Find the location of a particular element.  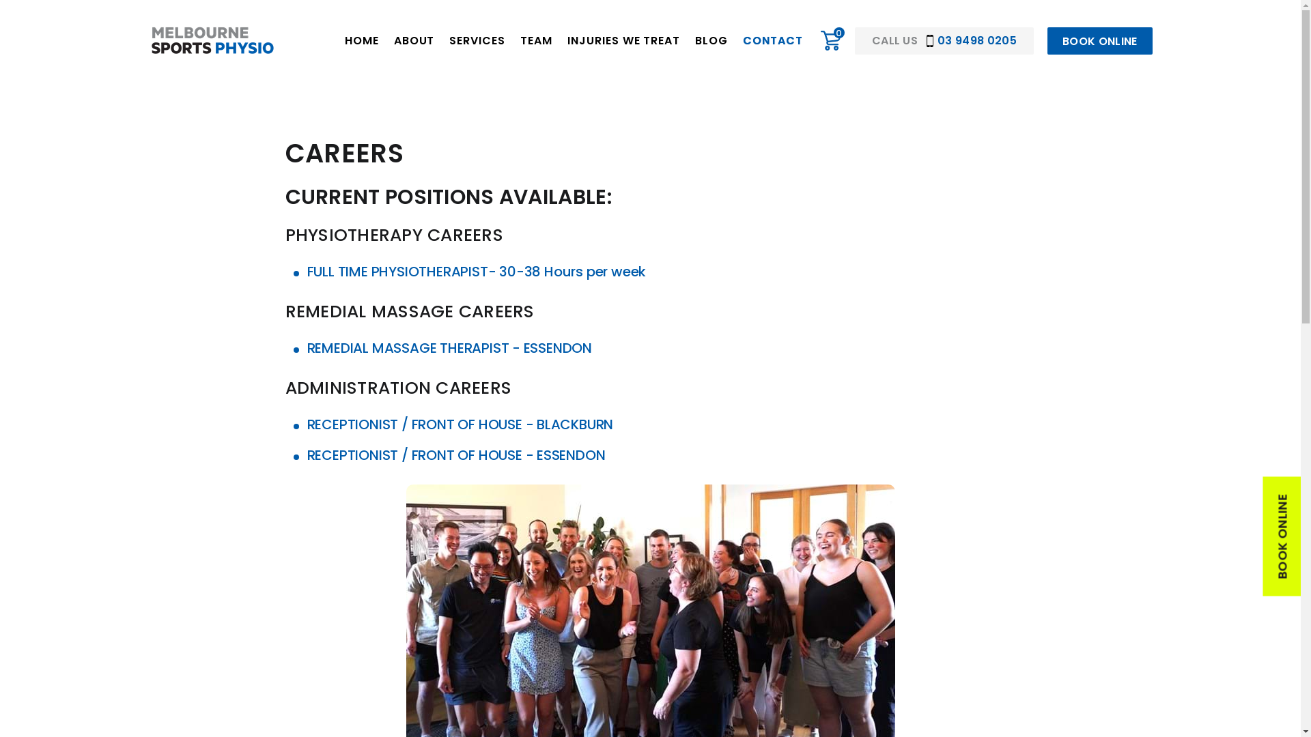

'RECEPTIONIST / FRONT OF HOUSE - BLACKBURN' is located at coordinates (460, 423).